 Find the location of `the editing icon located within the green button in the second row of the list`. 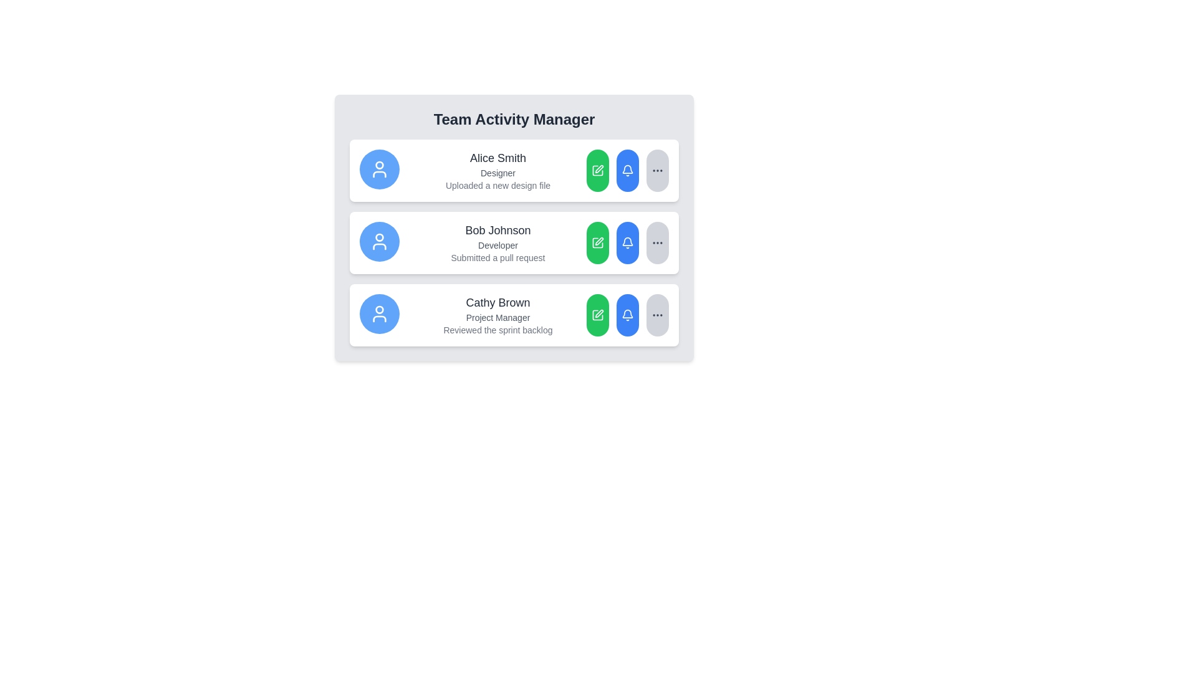

the editing icon located within the green button in the second row of the list is located at coordinates (597, 242).